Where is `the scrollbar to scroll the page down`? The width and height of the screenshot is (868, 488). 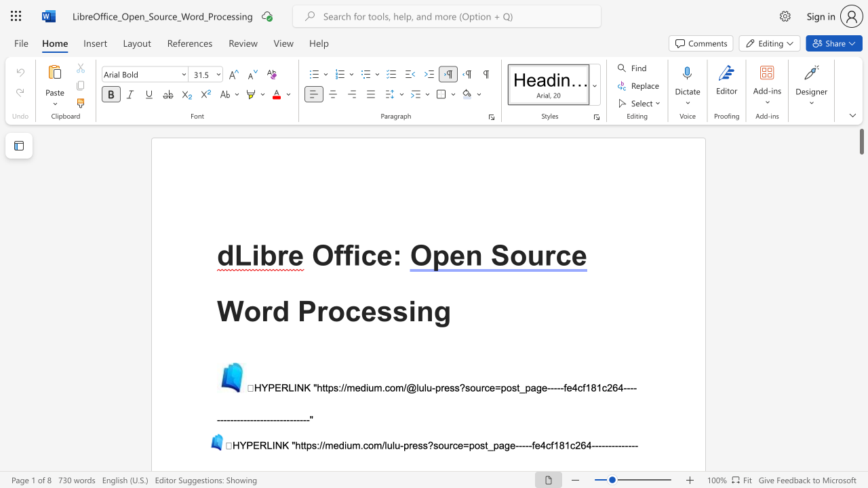 the scrollbar to scroll the page down is located at coordinates (861, 290).